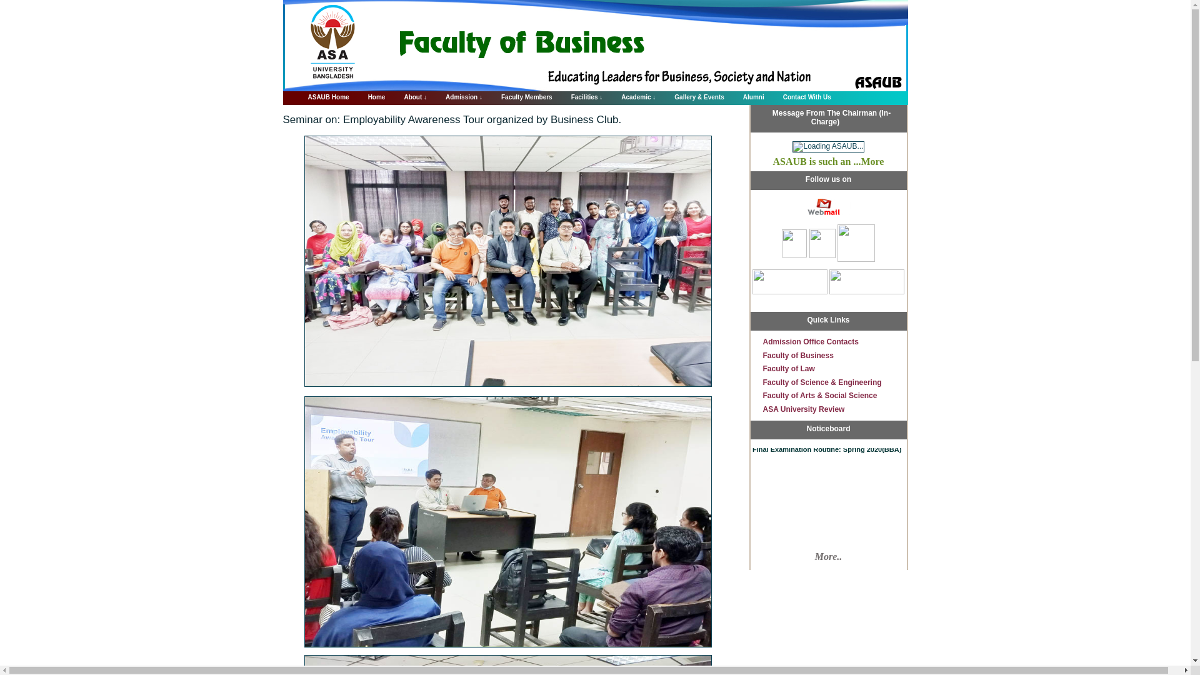 This screenshot has width=1200, height=675. I want to click on 'Faculty of Law', so click(787, 368).